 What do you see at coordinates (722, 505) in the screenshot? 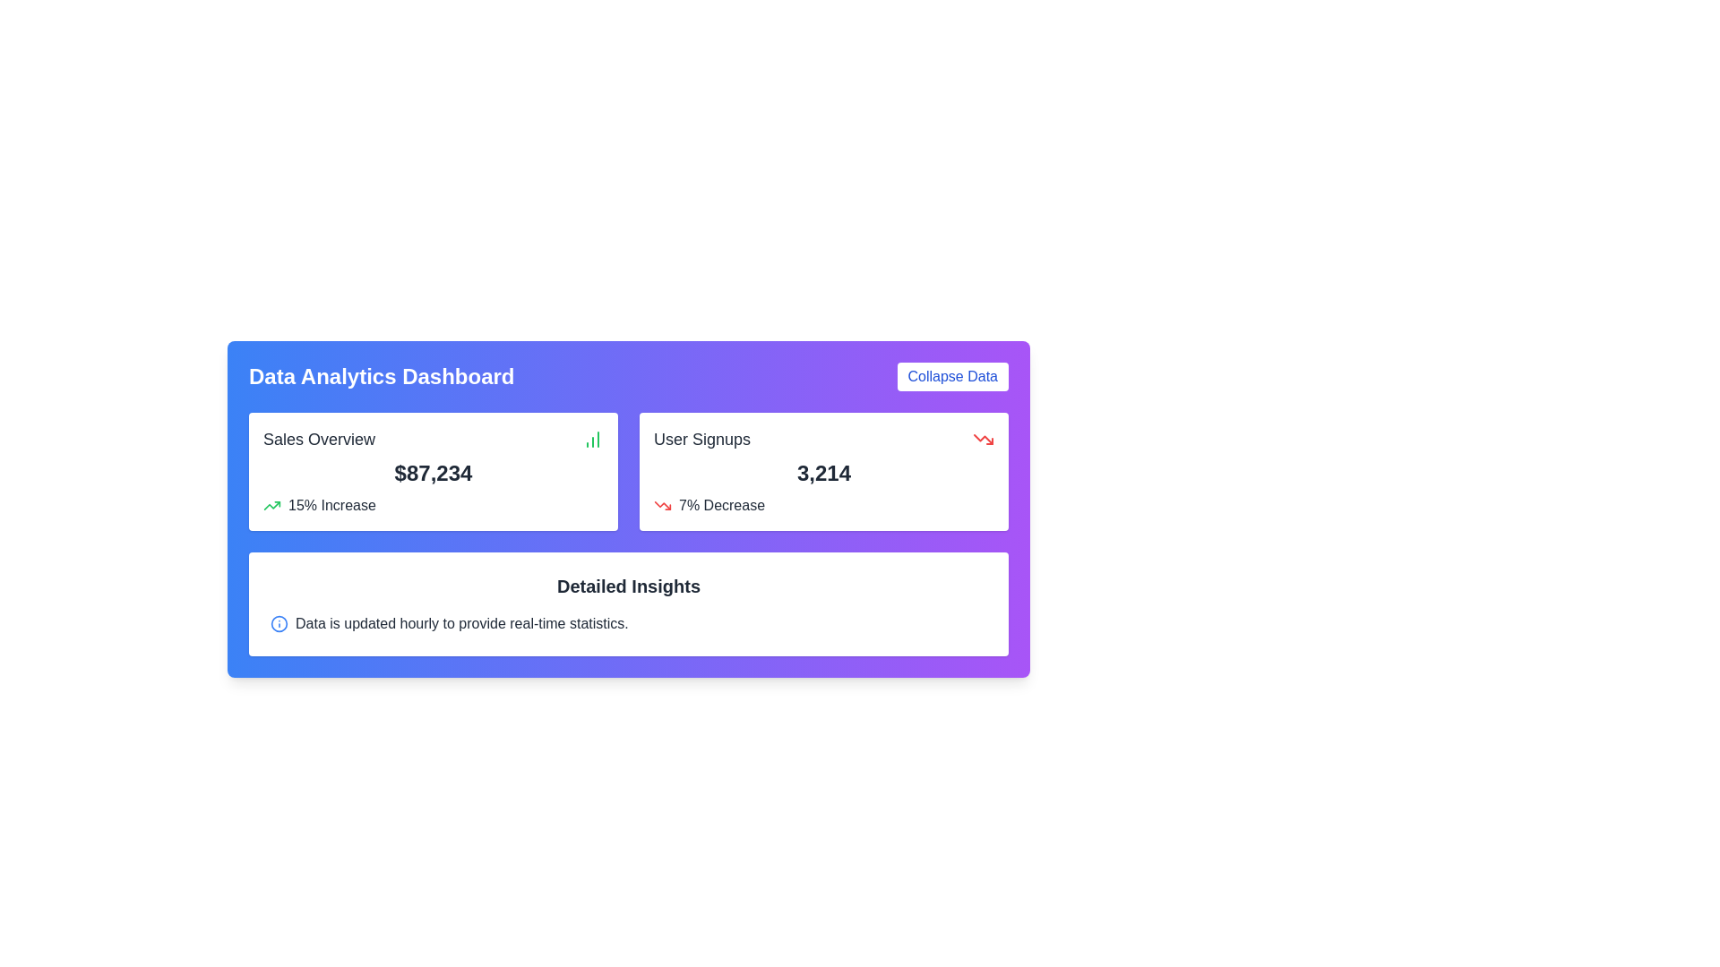
I see `the text label indicating a percentage decrease in user signups, located within the 'User Signups' card and below the number '3,214'` at bounding box center [722, 505].